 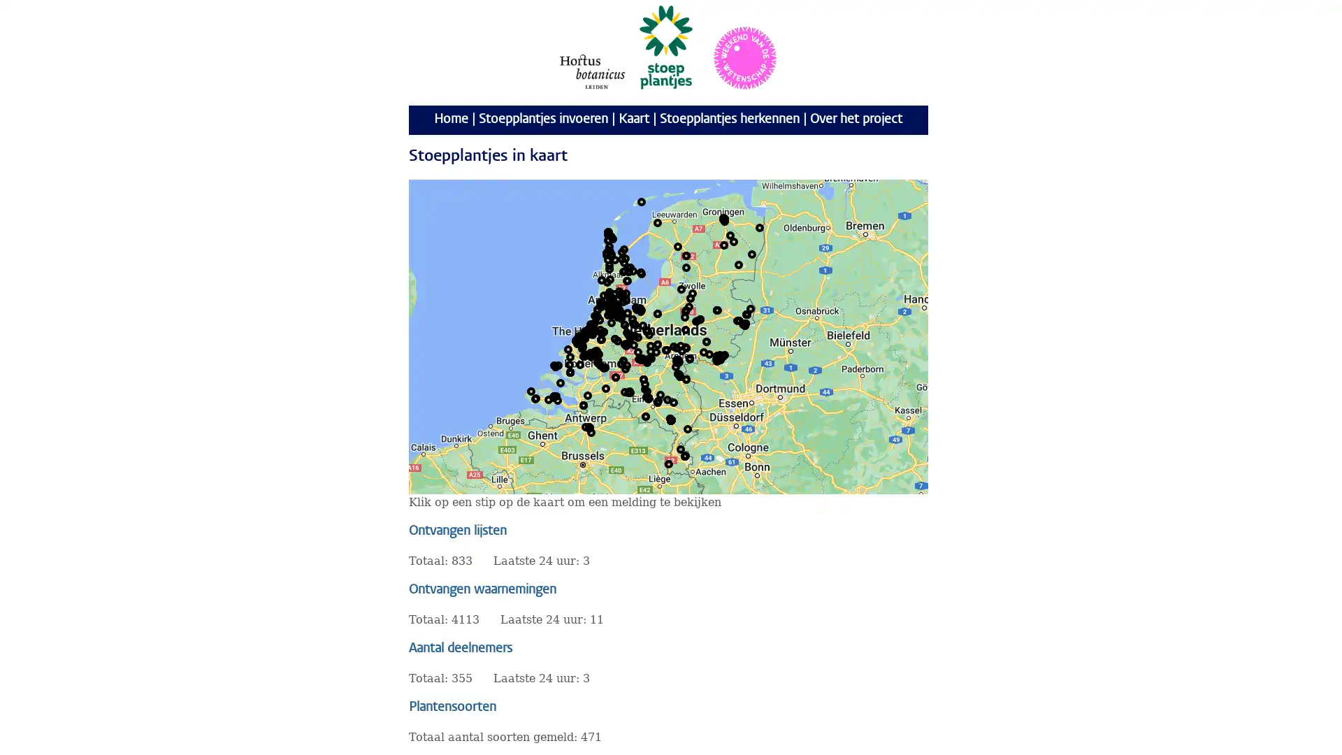 I want to click on Telling van Tas op 27 oktober 2021, so click(x=614, y=308).